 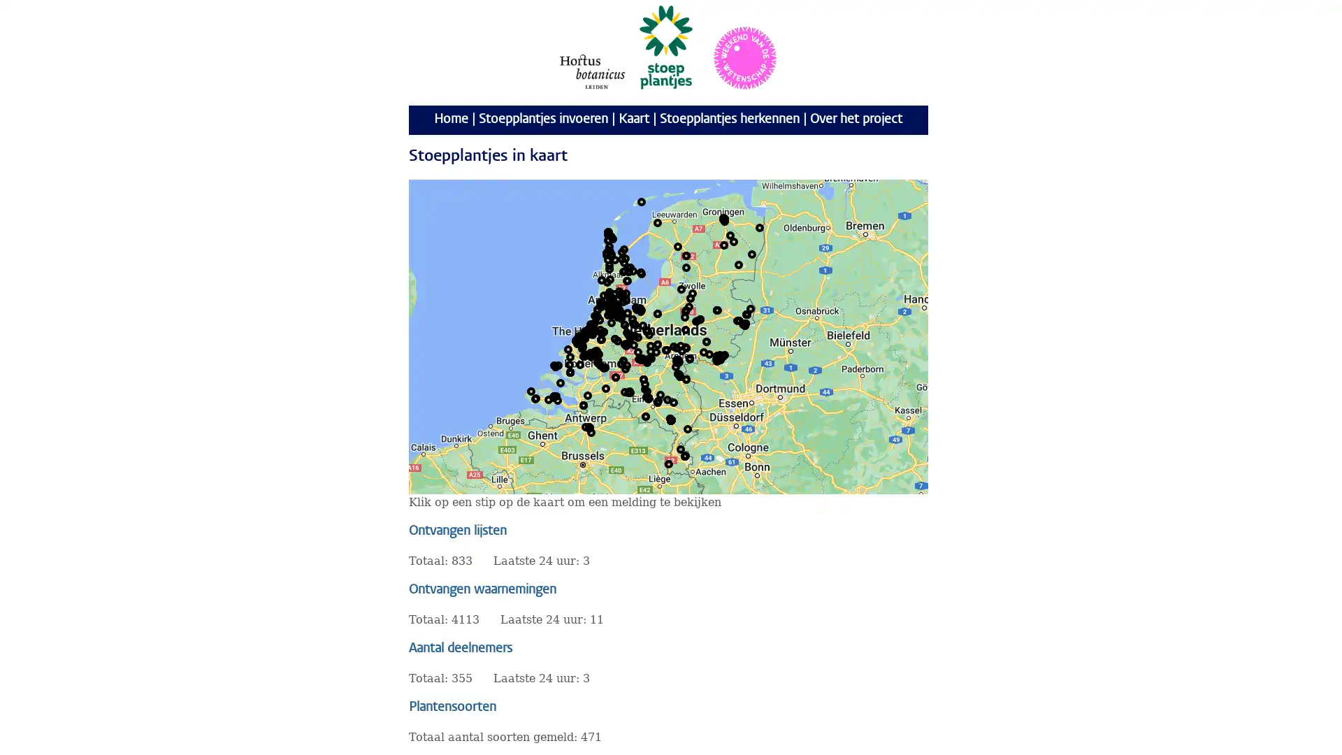 I want to click on Telling van Tas op 27 oktober 2021, so click(x=614, y=308).